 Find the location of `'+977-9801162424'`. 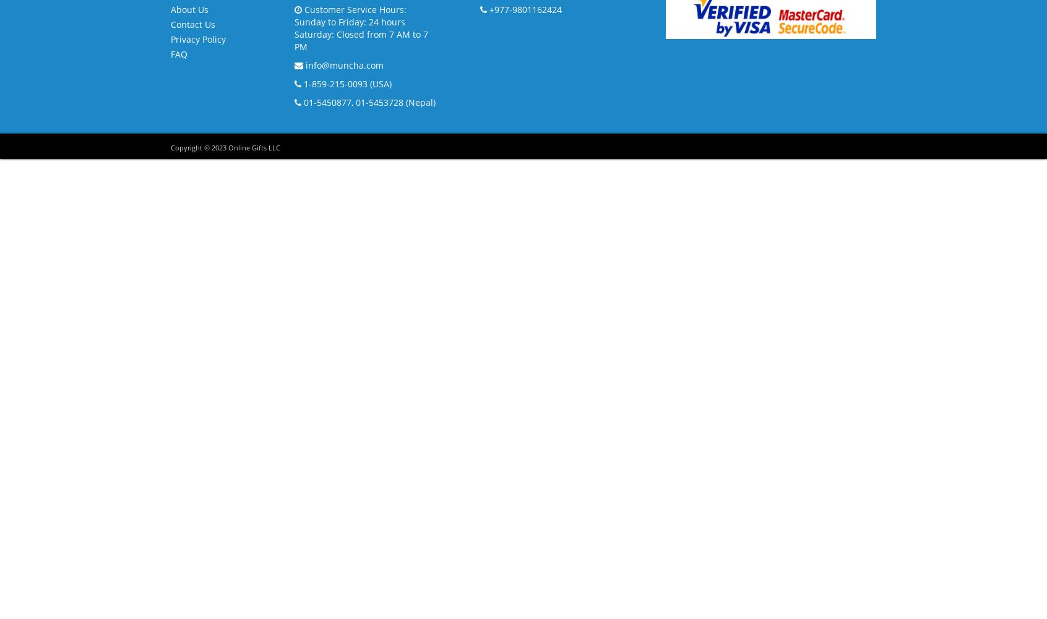

'+977-9801162424' is located at coordinates (486, 9).